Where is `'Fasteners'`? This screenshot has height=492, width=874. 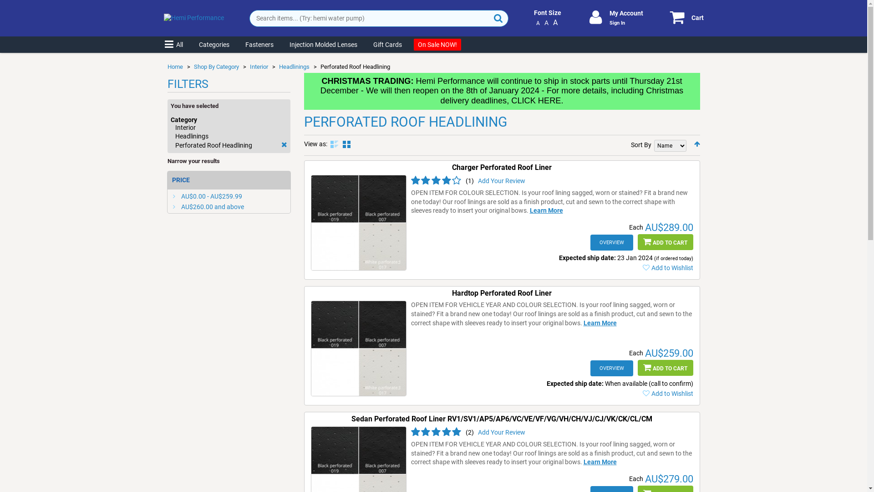
'Fasteners' is located at coordinates (259, 44).